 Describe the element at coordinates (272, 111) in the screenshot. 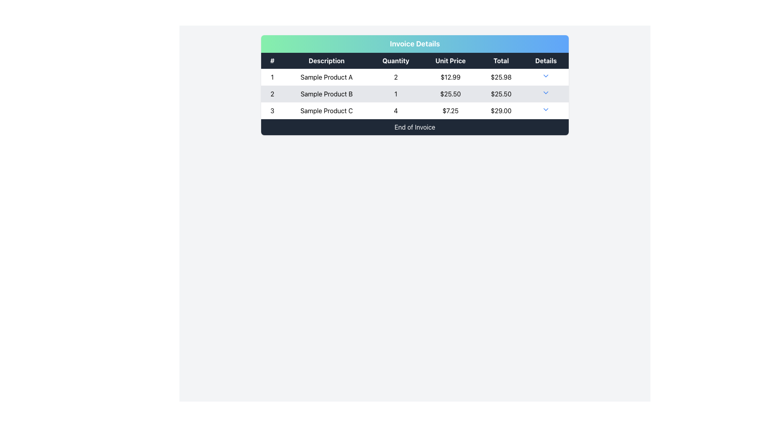

I see `the identifier text in the leftmost column of the third row of the 'Invoice Details' table` at that location.